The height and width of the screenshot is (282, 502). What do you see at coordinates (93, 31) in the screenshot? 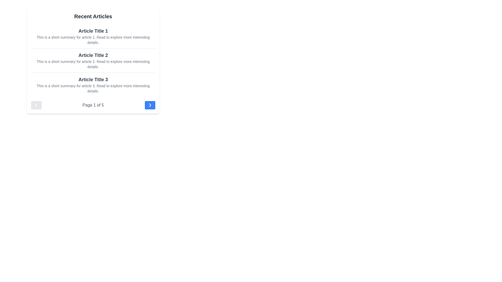
I see `the text label 'Article Title 1' which is bold and dark gray, positioned at the top of the article card layout` at bounding box center [93, 31].